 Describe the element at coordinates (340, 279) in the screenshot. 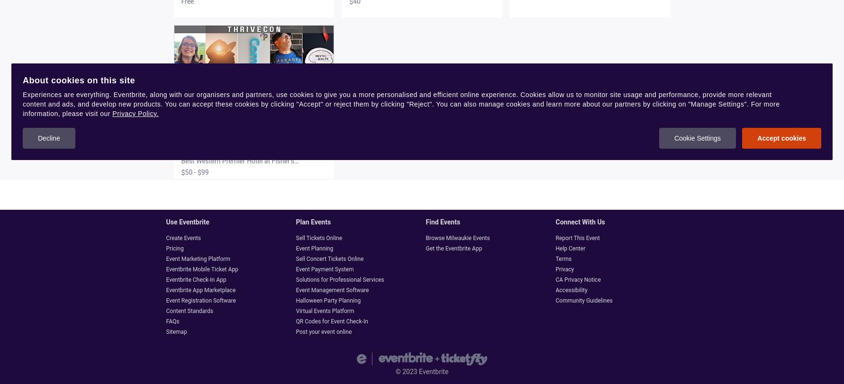

I see `'Solutions for Professional Services'` at that location.